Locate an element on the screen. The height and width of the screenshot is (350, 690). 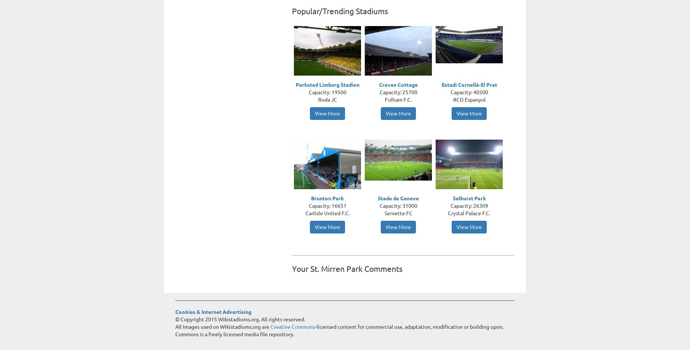
'Capacity: 16651' is located at coordinates (327, 206).